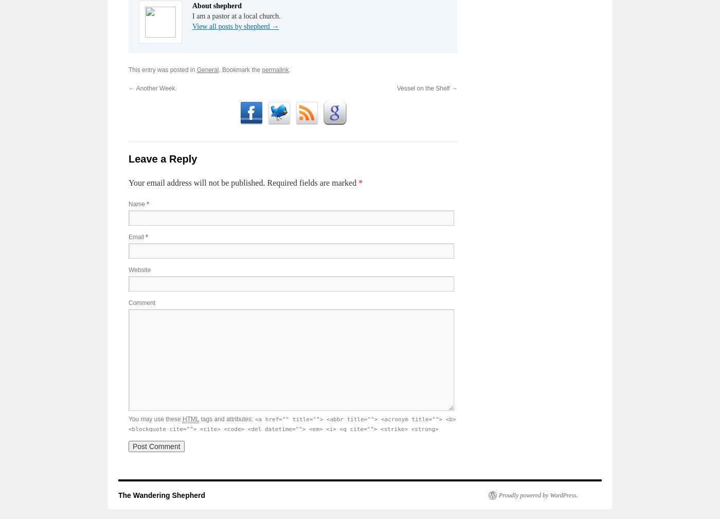  What do you see at coordinates (227, 419) in the screenshot?
I see `'tags and attributes:'` at bounding box center [227, 419].